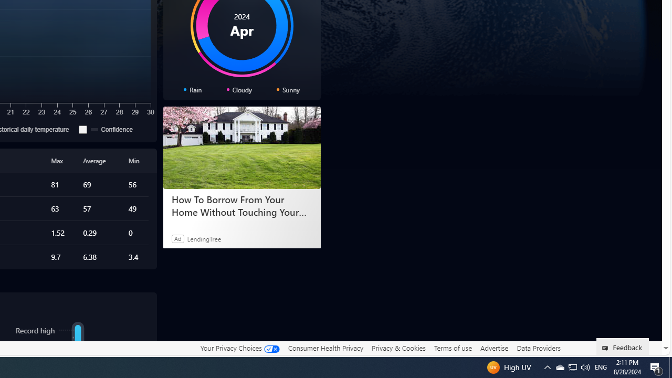 The image size is (672, 378). Describe the element at coordinates (239, 348) in the screenshot. I see `'Your Privacy Choices'` at that location.